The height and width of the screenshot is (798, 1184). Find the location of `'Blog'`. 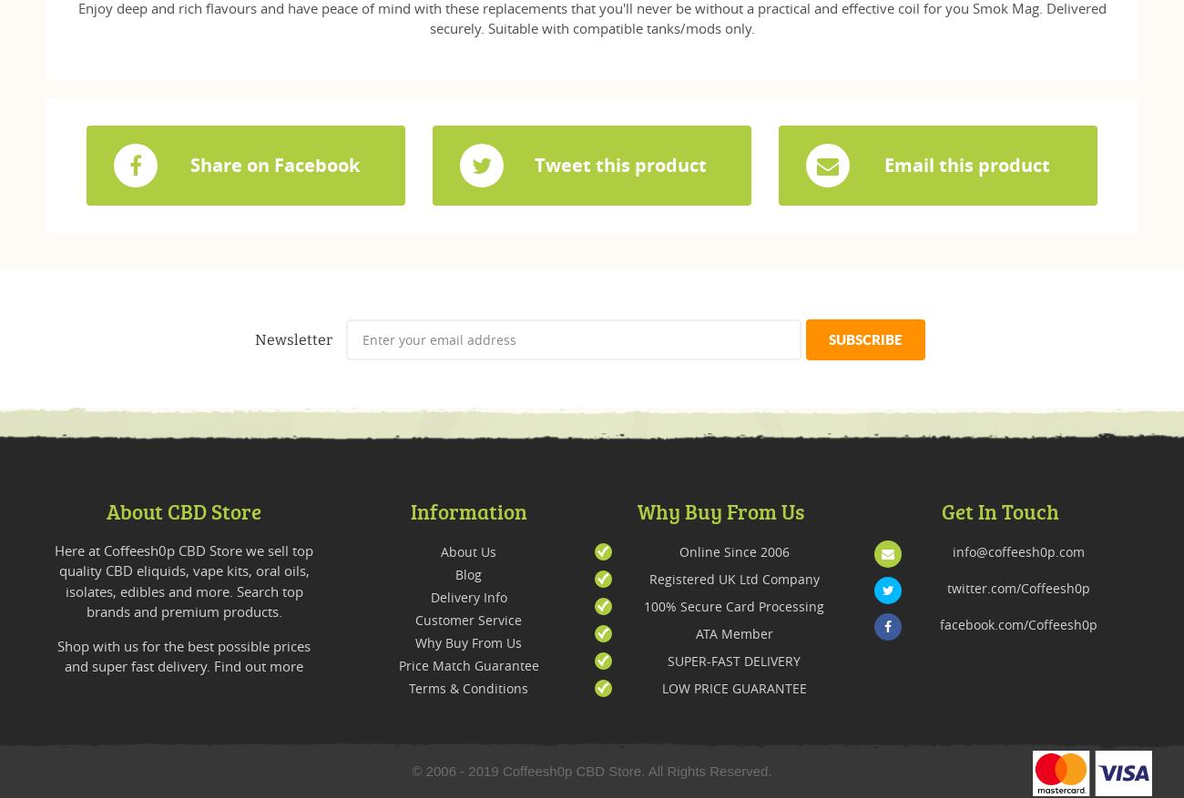

'Blog' is located at coordinates (468, 572).